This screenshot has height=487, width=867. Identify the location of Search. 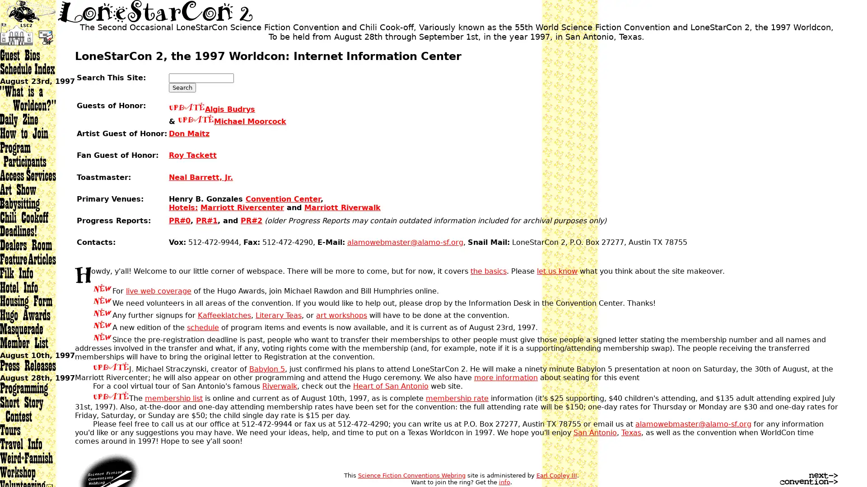
(182, 87).